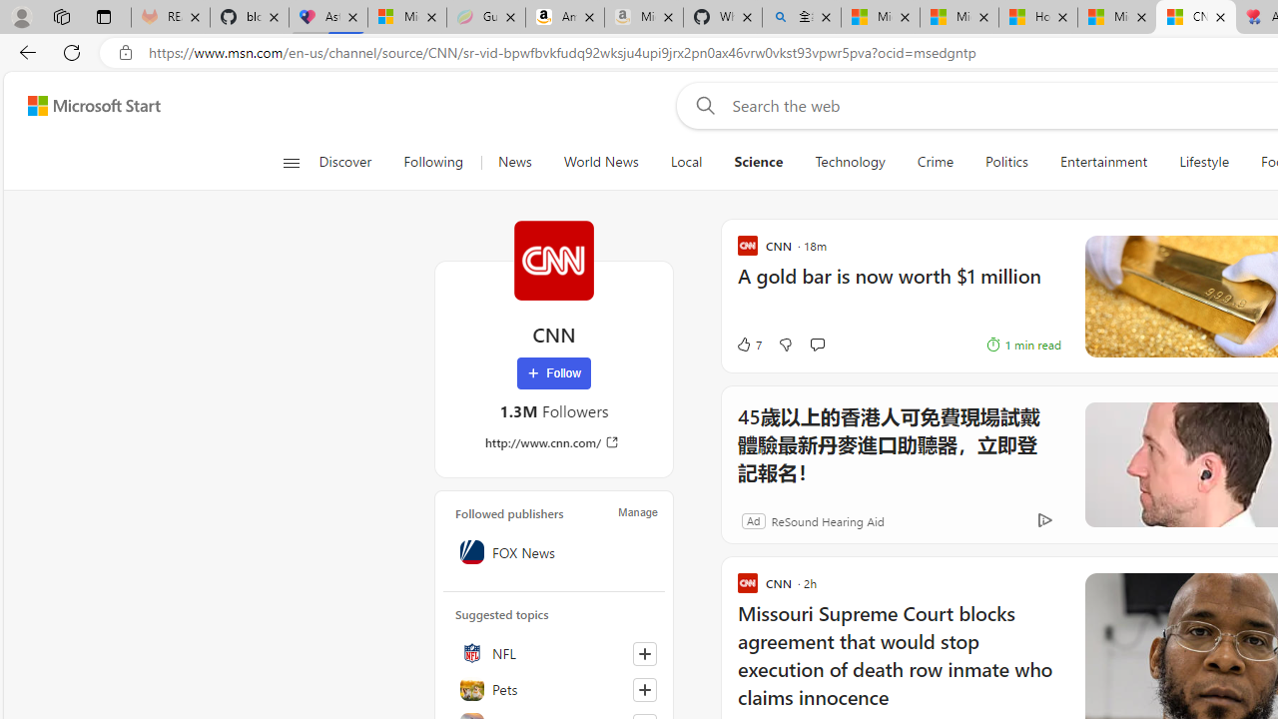  Describe the element at coordinates (850, 162) in the screenshot. I see `'Technology'` at that location.